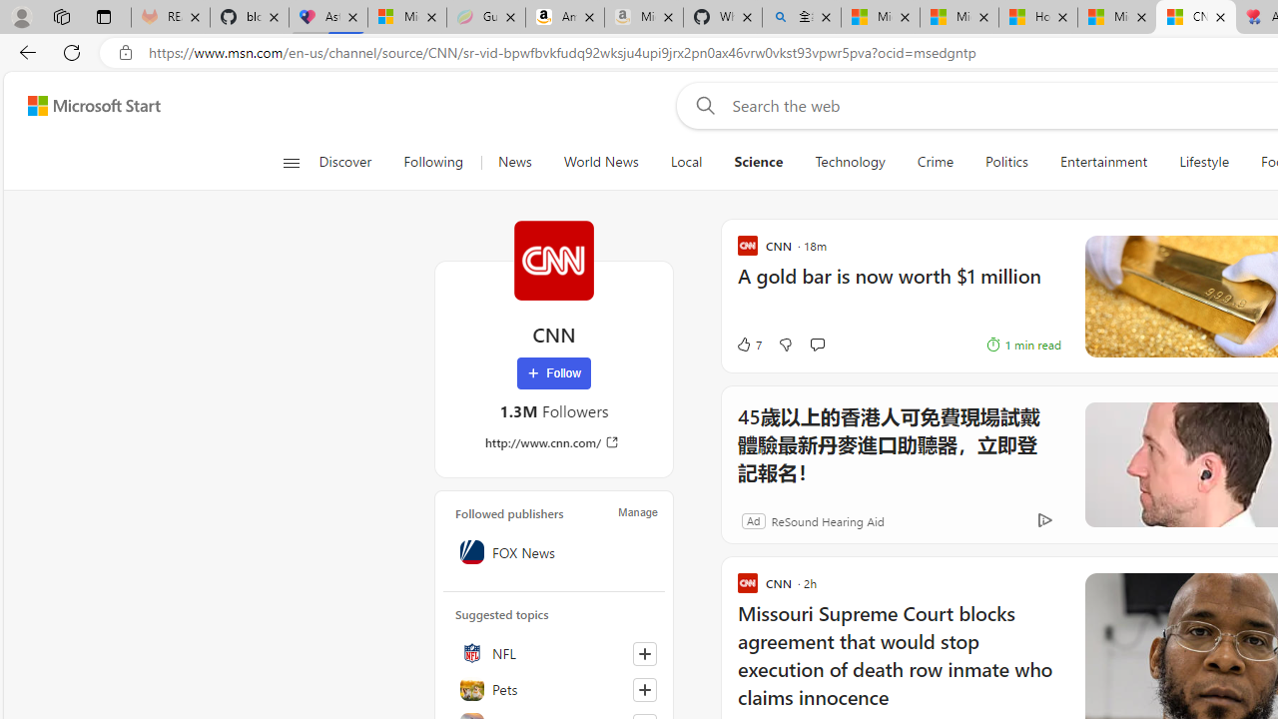  Describe the element at coordinates (850, 162) in the screenshot. I see `'Technology'` at that location.